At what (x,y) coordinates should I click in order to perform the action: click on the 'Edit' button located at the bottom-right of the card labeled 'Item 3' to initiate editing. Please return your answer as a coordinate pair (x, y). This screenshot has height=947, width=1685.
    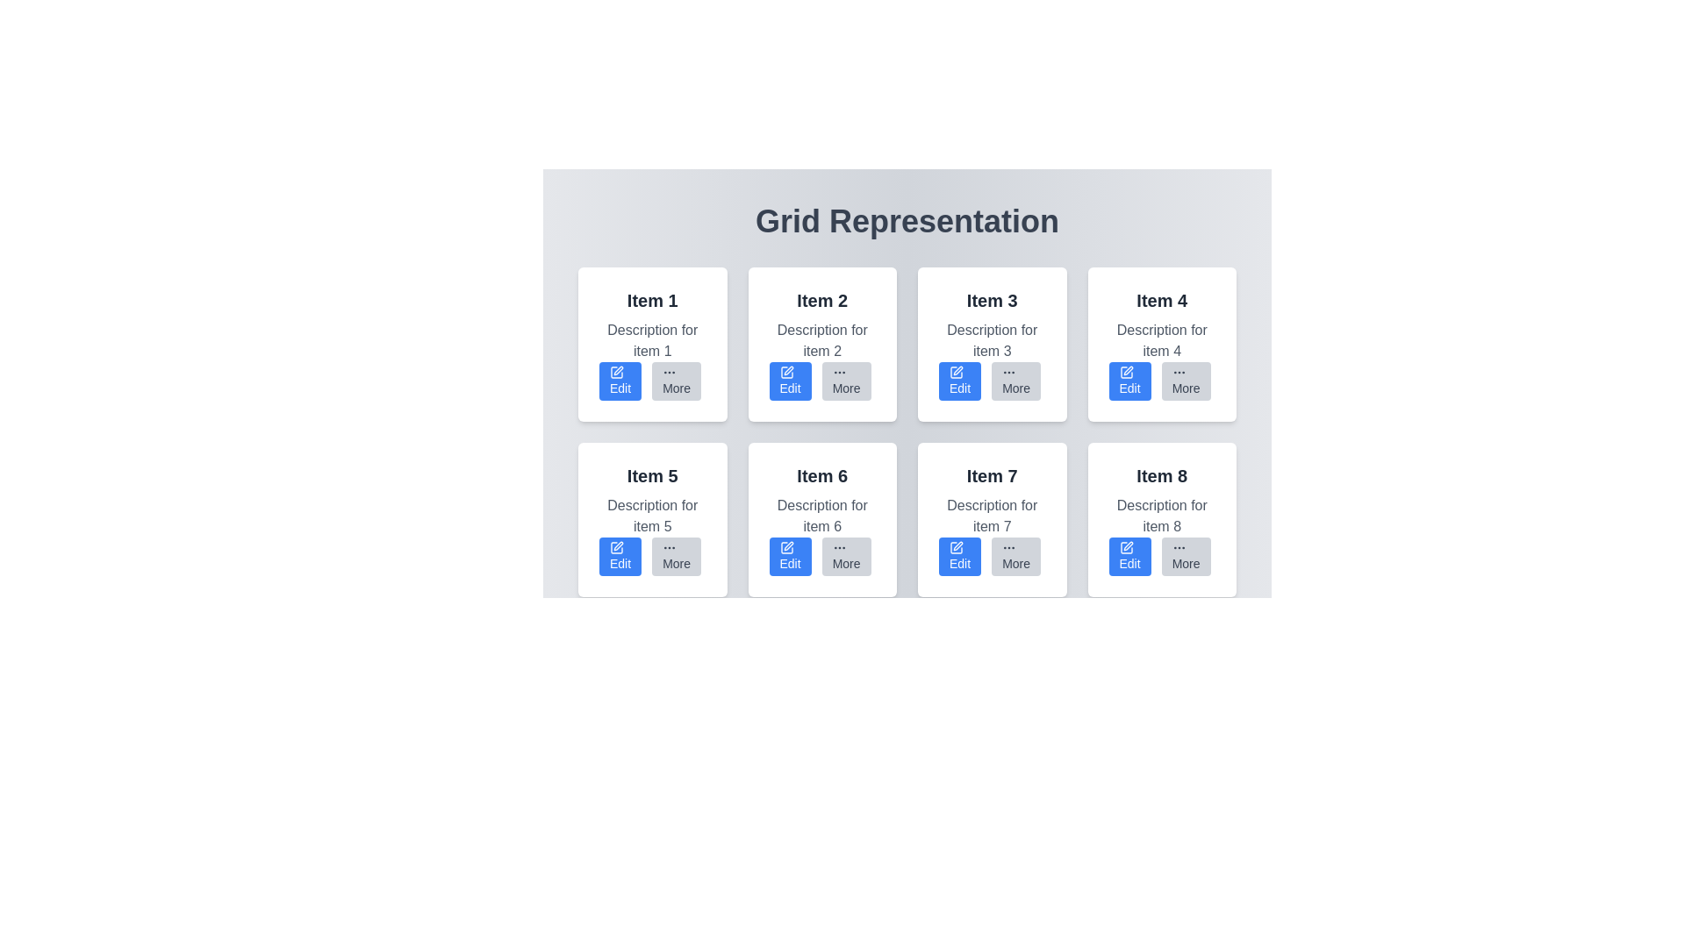
    Looking at the image, I should click on (956, 370).